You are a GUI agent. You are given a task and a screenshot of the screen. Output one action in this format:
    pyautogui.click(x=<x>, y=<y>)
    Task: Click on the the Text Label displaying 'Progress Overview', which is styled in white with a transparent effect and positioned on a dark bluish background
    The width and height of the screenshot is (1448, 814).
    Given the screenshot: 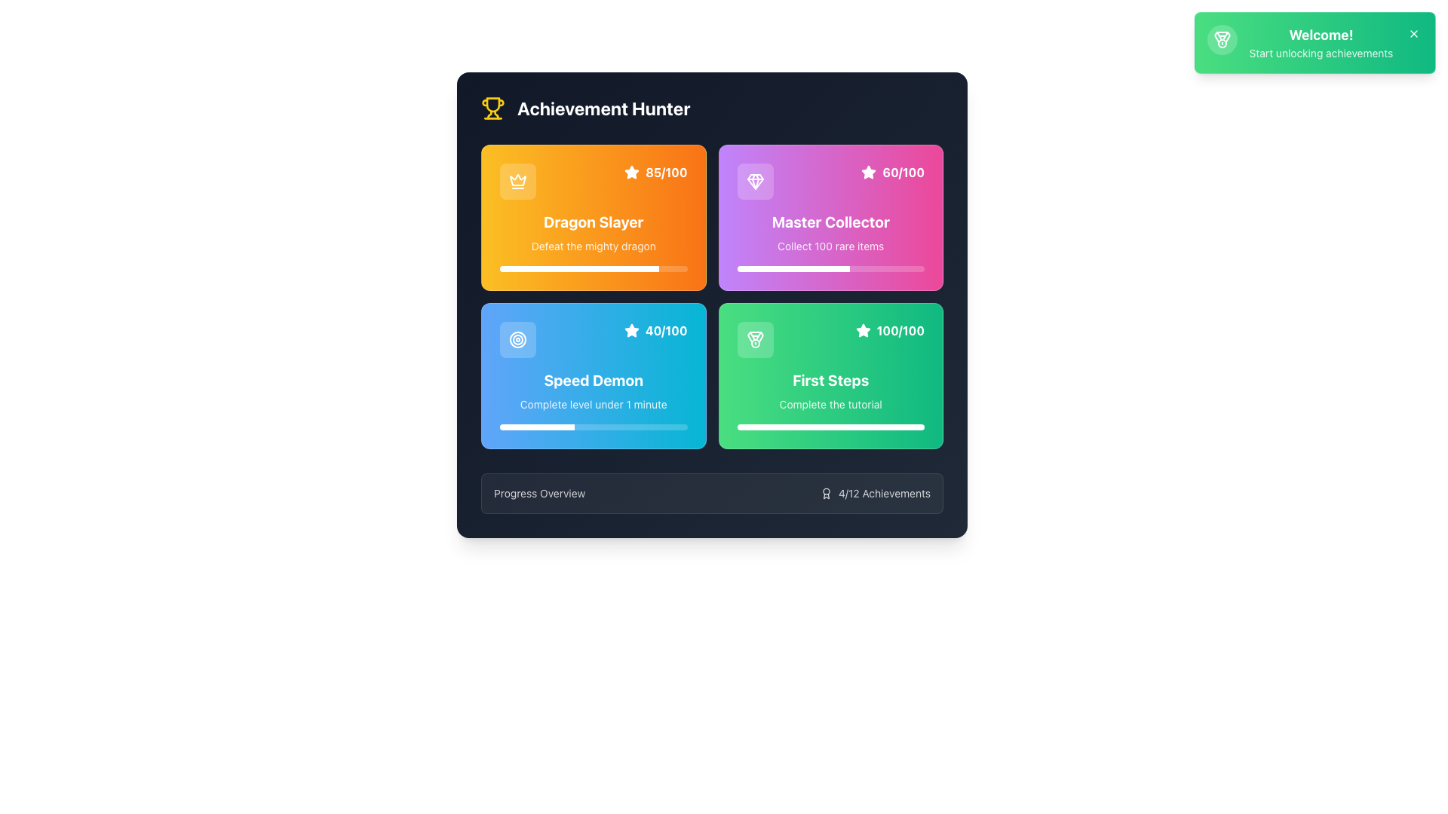 What is the action you would take?
    pyautogui.click(x=539, y=494)
    